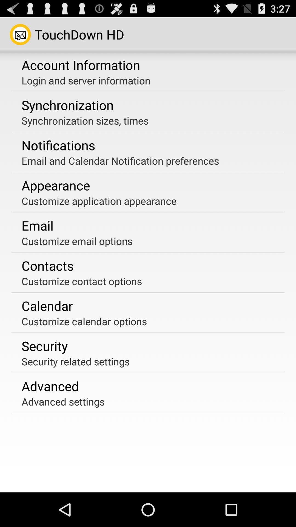 The height and width of the screenshot is (527, 296). What do you see at coordinates (63, 402) in the screenshot?
I see `item below advanced icon` at bounding box center [63, 402].